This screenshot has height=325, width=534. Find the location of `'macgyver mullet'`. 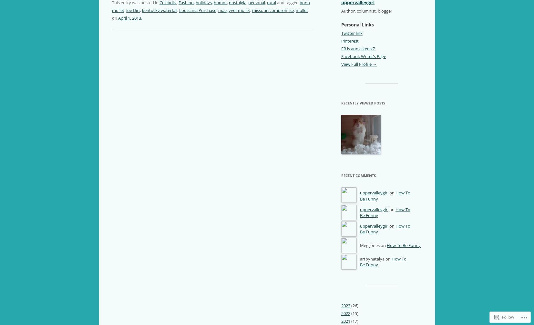

'macgyver mullet' is located at coordinates (234, 10).